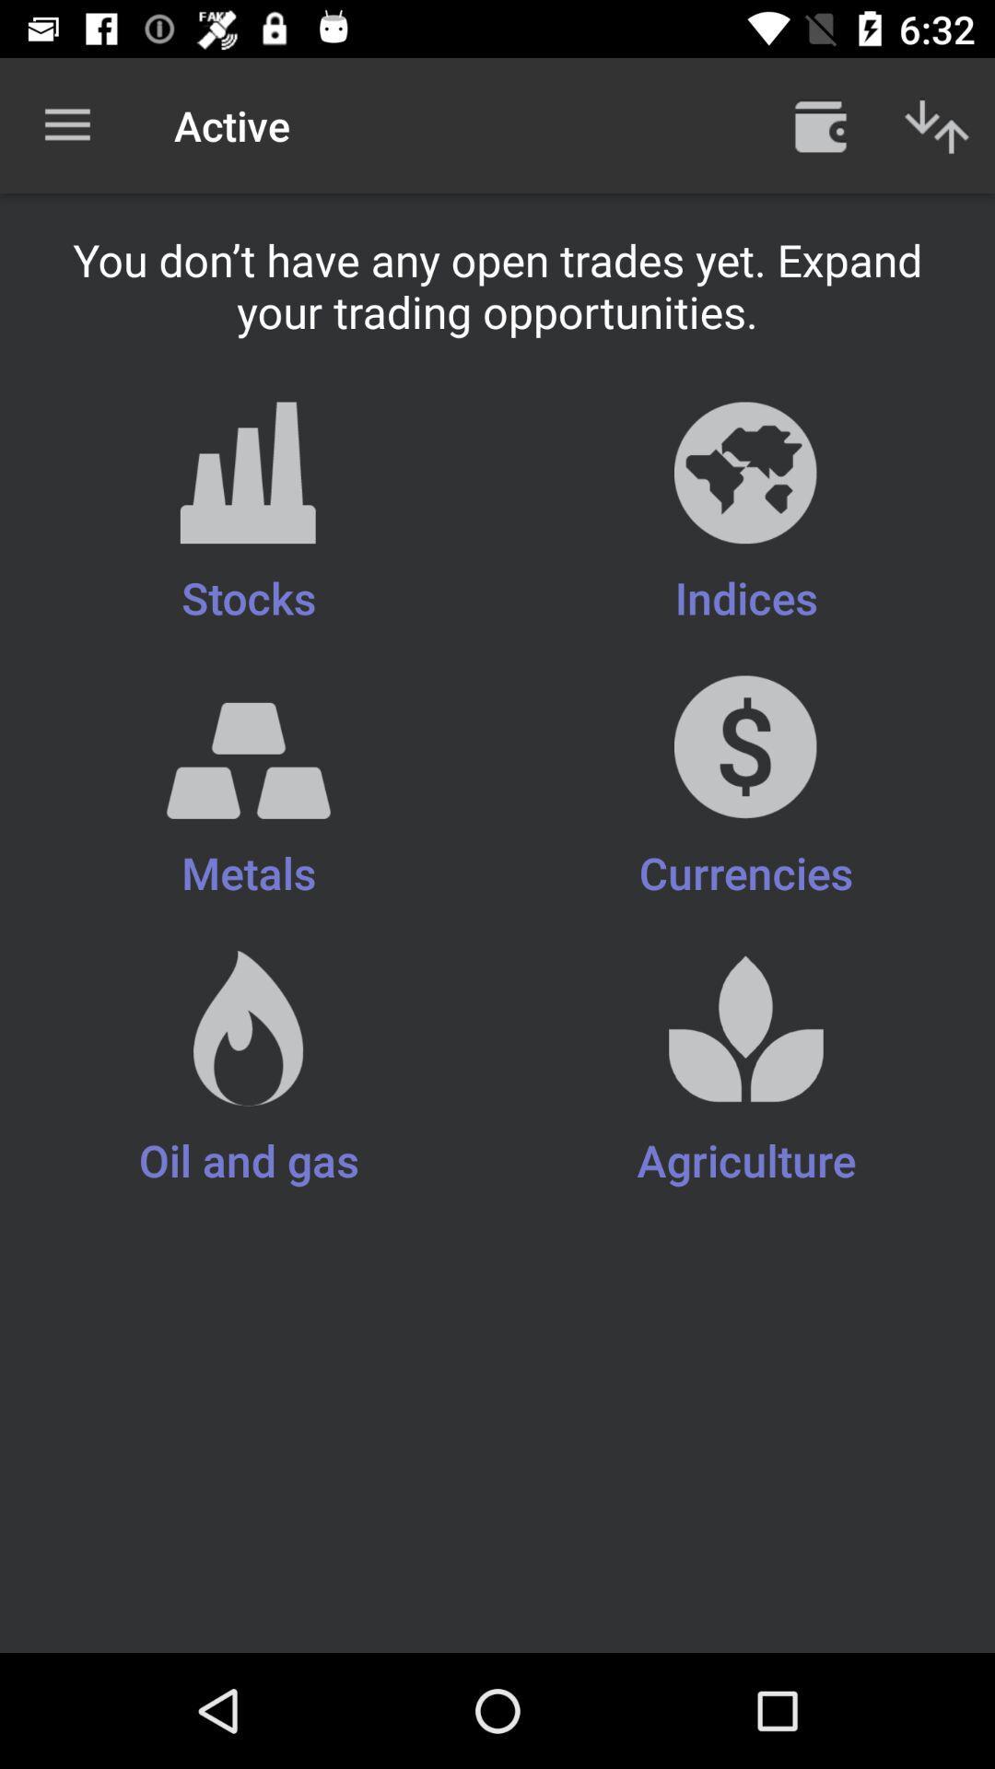 The image size is (995, 1769). I want to click on the icon to the left of currencies item, so click(249, 802).